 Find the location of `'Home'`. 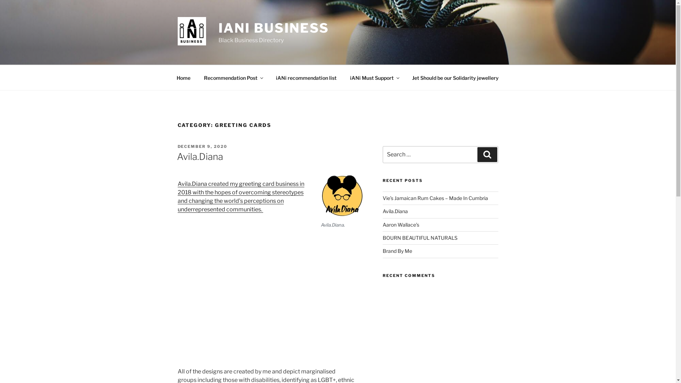

'Home' is located at coordinates (183, 77).